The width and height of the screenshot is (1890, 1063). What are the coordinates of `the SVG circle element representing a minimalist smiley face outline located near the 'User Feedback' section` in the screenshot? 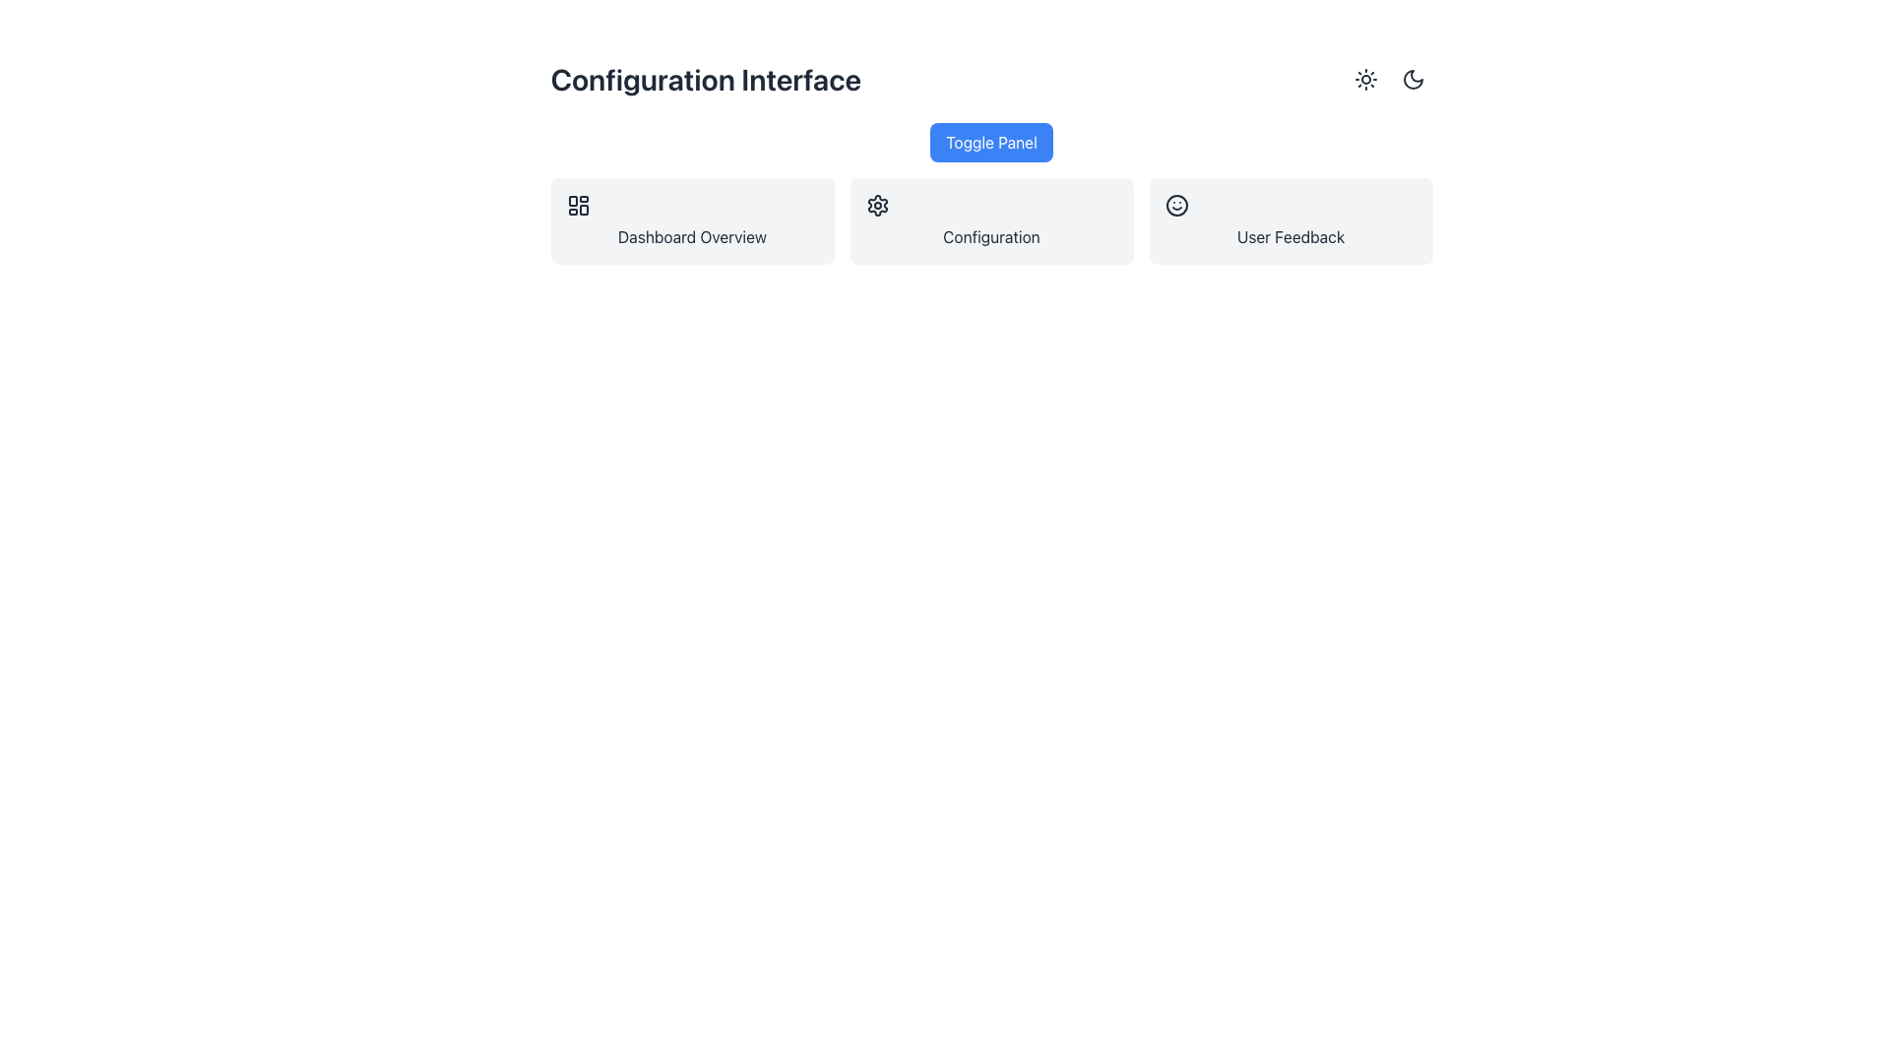 It's located at (1176, 205).